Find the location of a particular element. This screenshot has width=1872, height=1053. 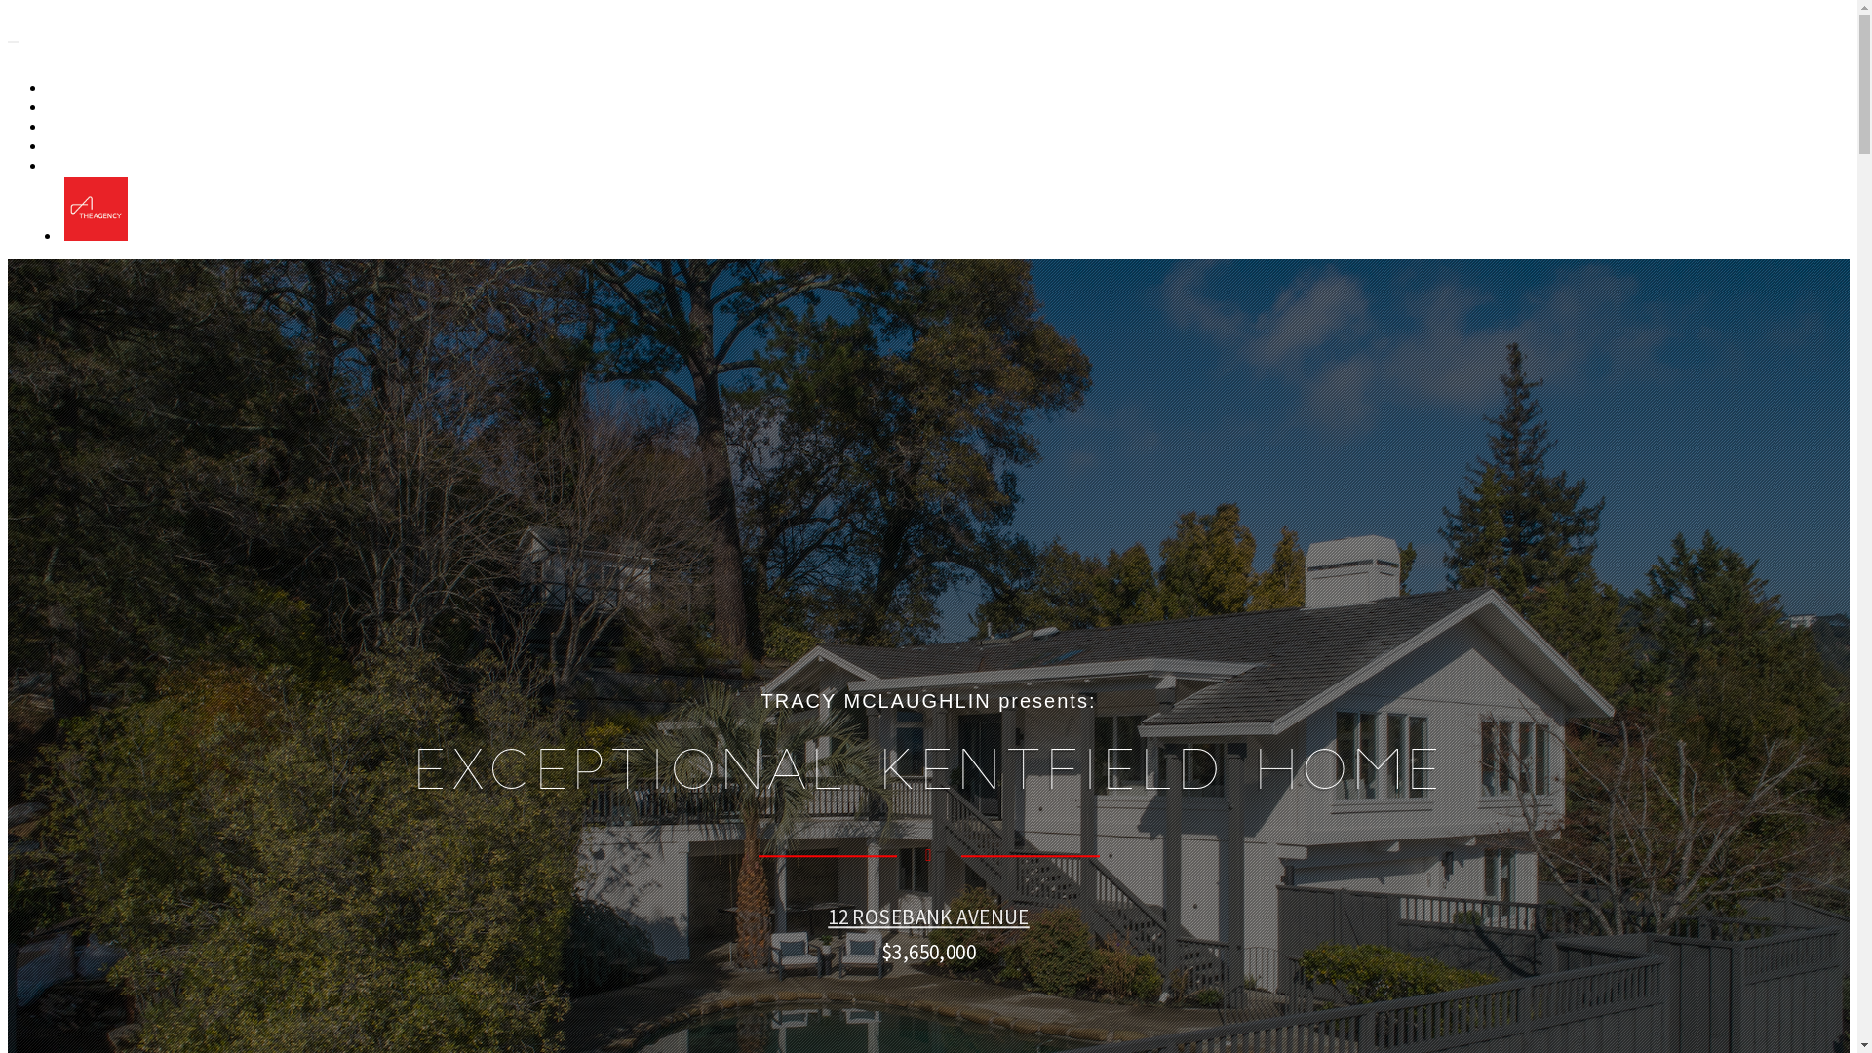

'GALLERY' is located at coordinates (85, 88).